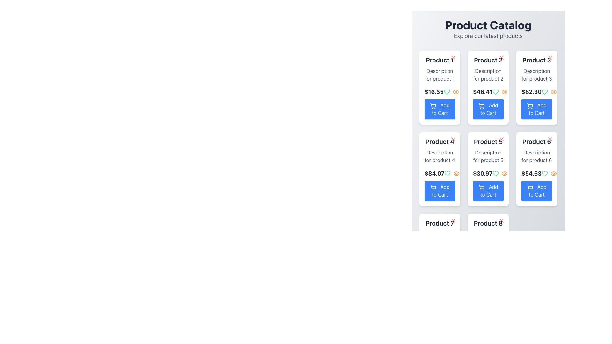  Describe the element at coordinates (482, 187) in the screenshot. I see `the 'Add to Cart' button represented by the decorative icon in the fifth column and second row of the product grid` at that location.